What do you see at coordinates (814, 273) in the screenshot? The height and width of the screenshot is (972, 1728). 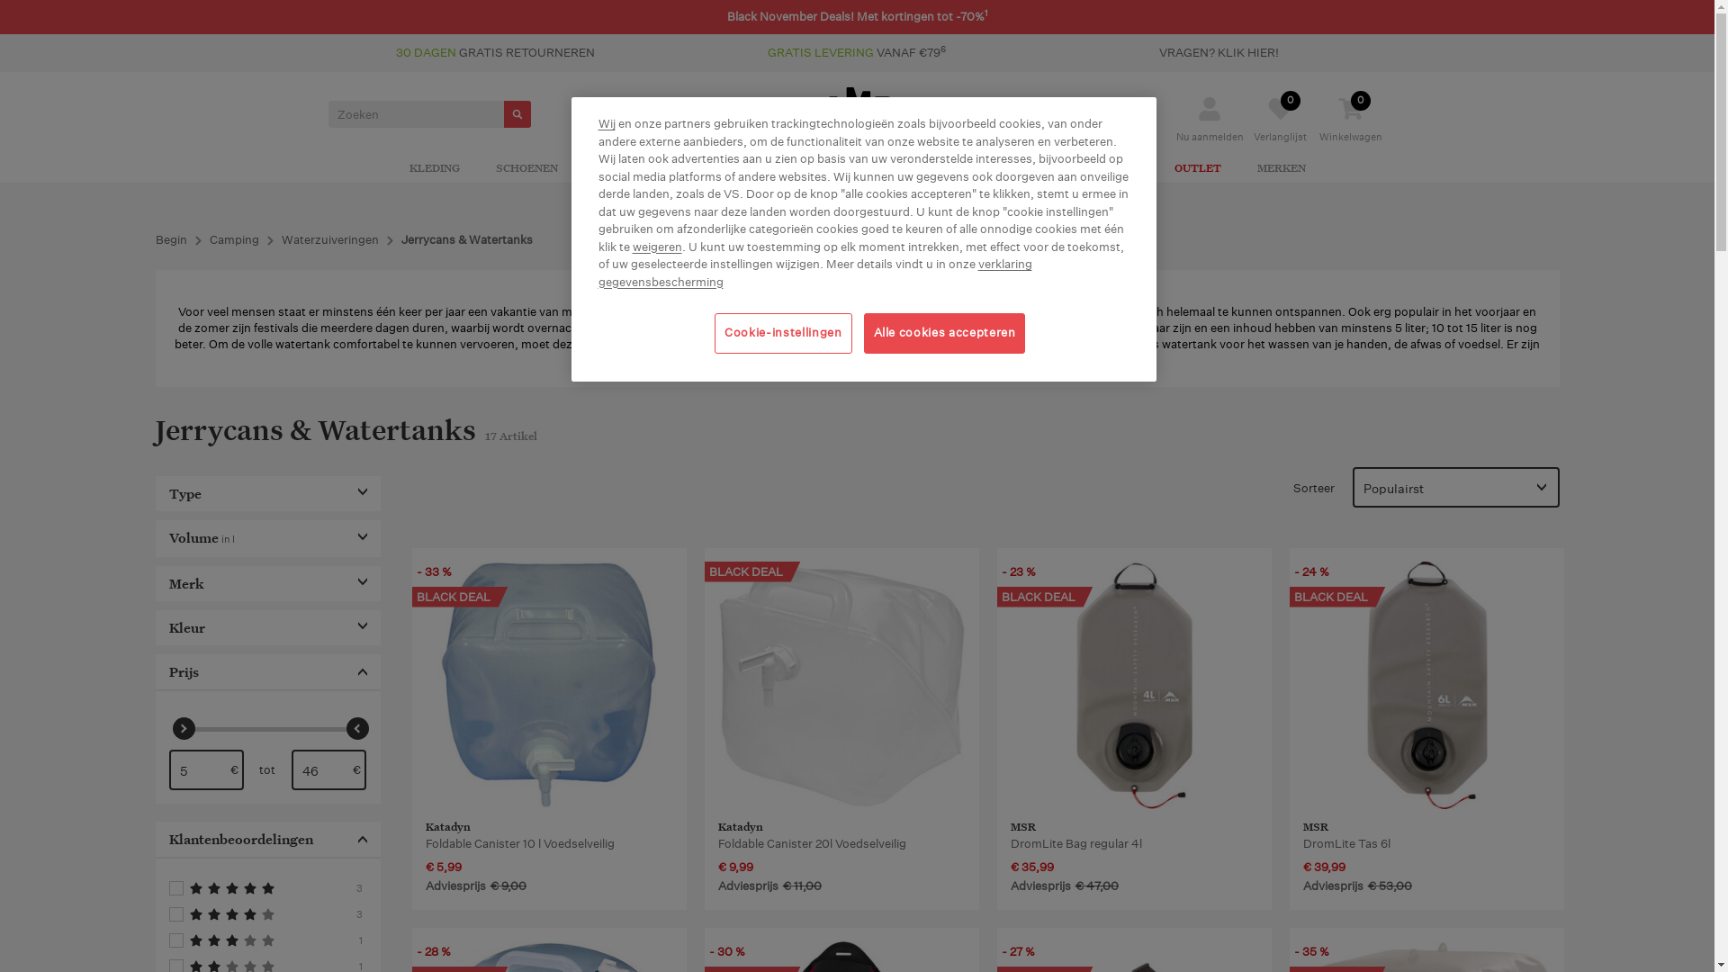 I see `'verklaring gegevensbescherming'` at bounding box center [814, 273].